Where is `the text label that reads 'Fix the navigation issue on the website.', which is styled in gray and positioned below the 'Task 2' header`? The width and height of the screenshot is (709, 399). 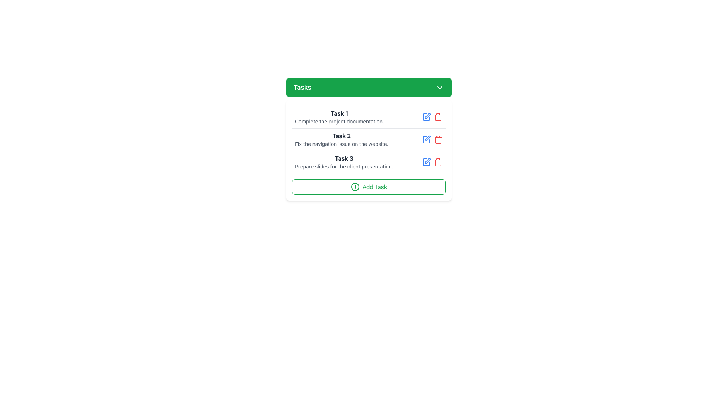 the text label that reads 'Fix the navigation issue on the website.', which is styled in gray and positioned below the 'Task 2' header is located at coordinates (341, 144).